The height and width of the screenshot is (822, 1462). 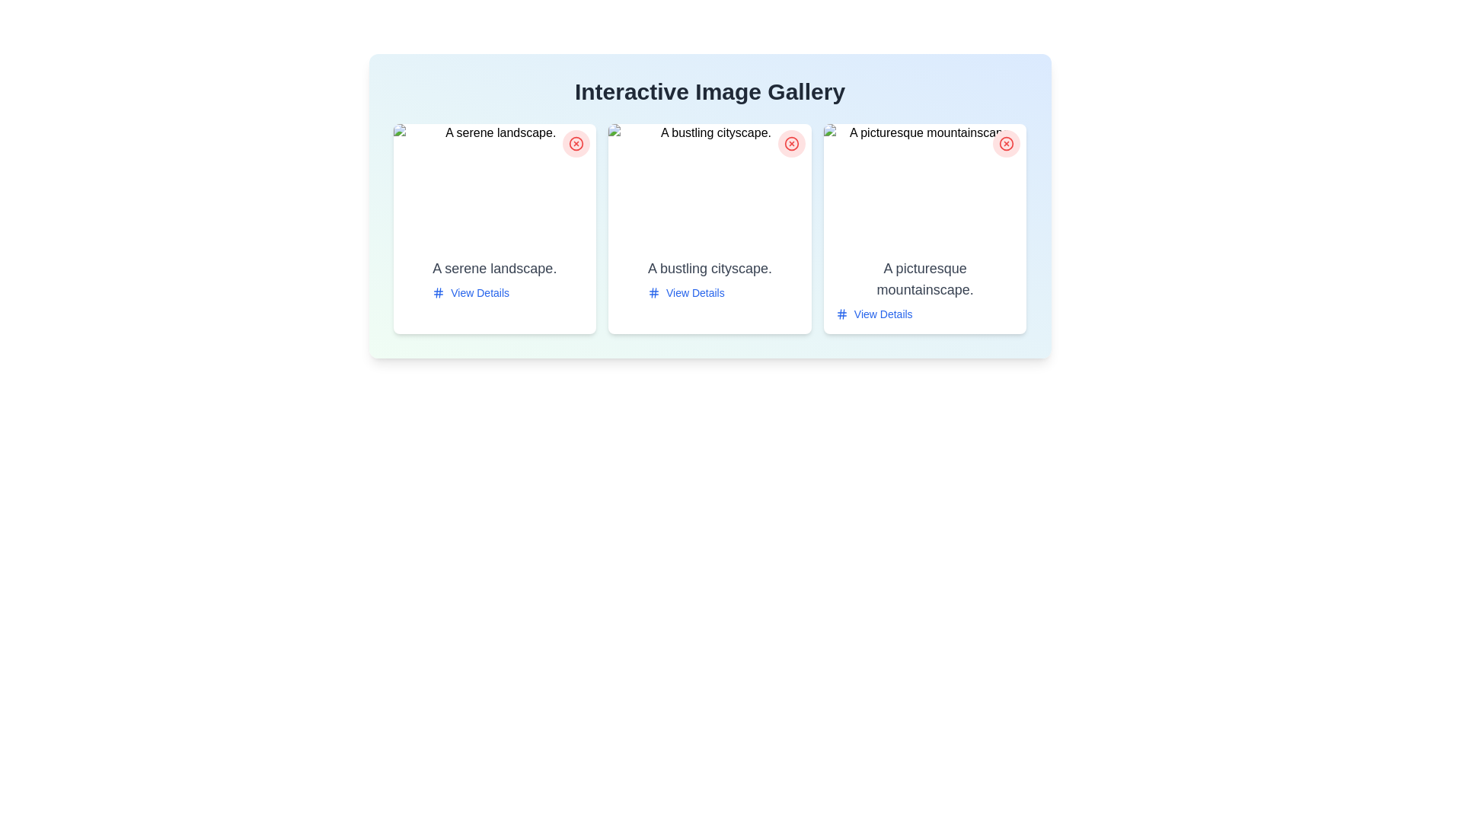 What do you see at coordinates (470, 293) in the screenshot?
I see `the 'View Details' link for the image with description 'A serene landscape.'` at bounding box center [470, 293].